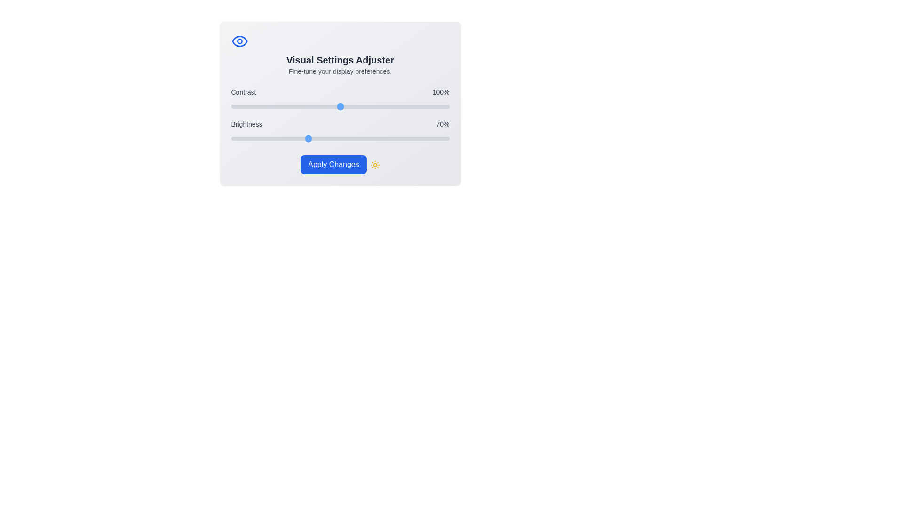 Image resolution: width=903 pixels, height=508 pixels. I want to click on the brightness slider to 191%, so click(439, 138).